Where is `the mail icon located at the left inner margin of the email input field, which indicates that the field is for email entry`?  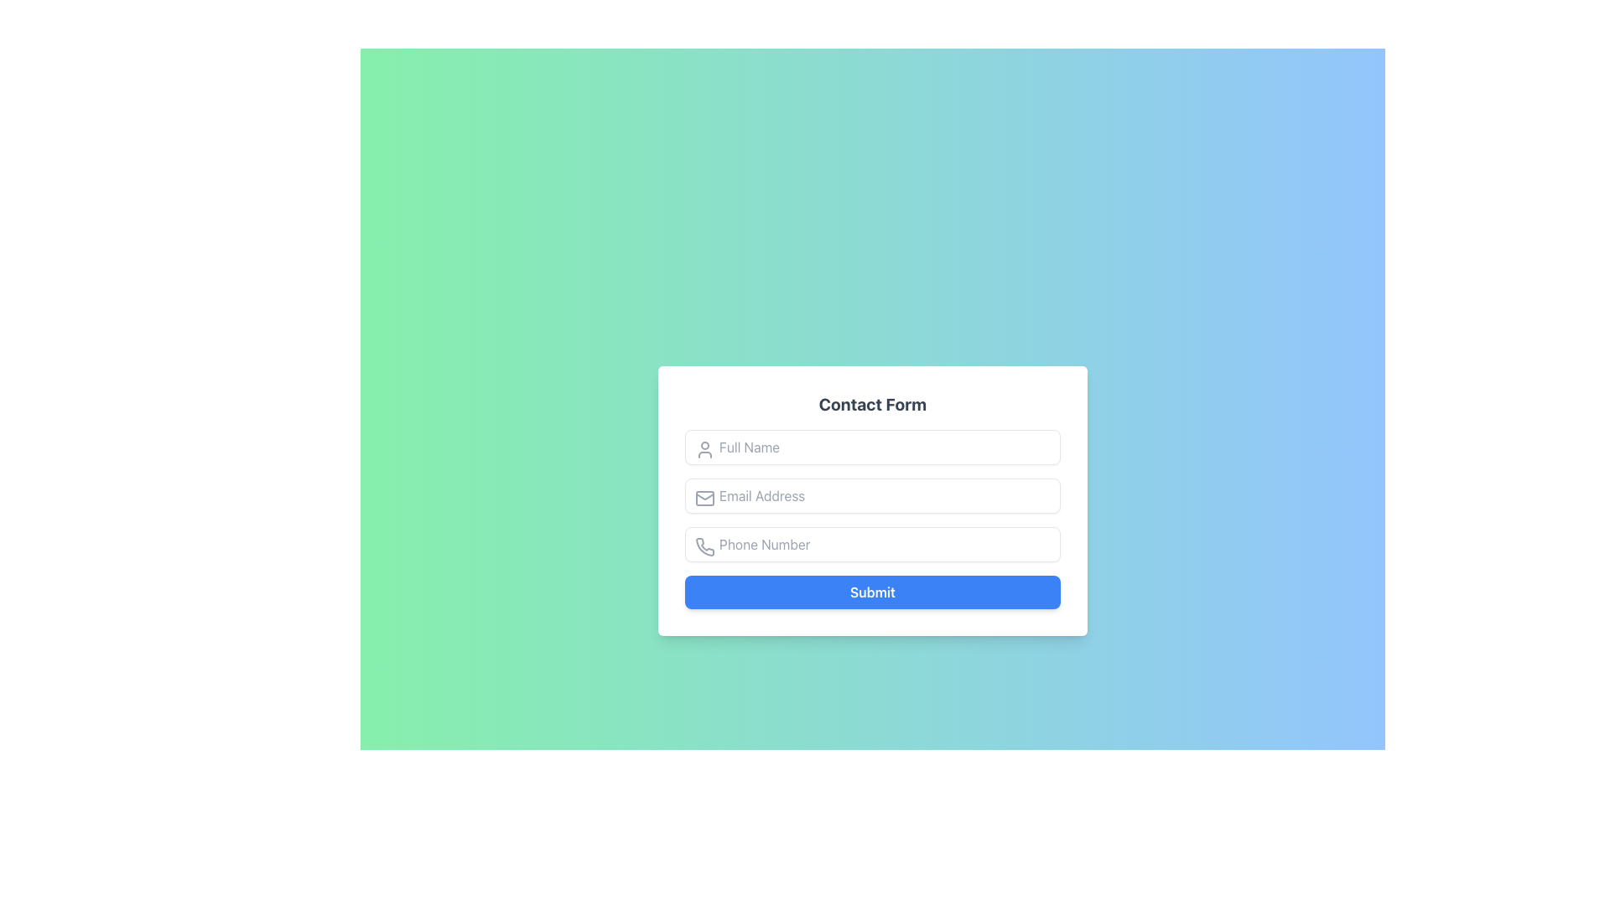
the mail icon located at the left inner margin of the email input field, which indicates that the field is for email entry is located at coordinates (704, 497).